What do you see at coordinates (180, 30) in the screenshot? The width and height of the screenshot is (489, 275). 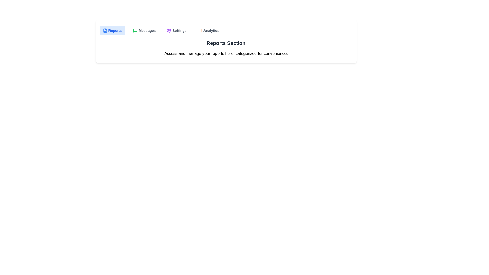 I see `the 'Settings' label located on the navigation bar, which is the rightmost option in a group of tabs including 'Reports,' 'Messages,' and 'Analytics.'` at bounding box center [180, 30].